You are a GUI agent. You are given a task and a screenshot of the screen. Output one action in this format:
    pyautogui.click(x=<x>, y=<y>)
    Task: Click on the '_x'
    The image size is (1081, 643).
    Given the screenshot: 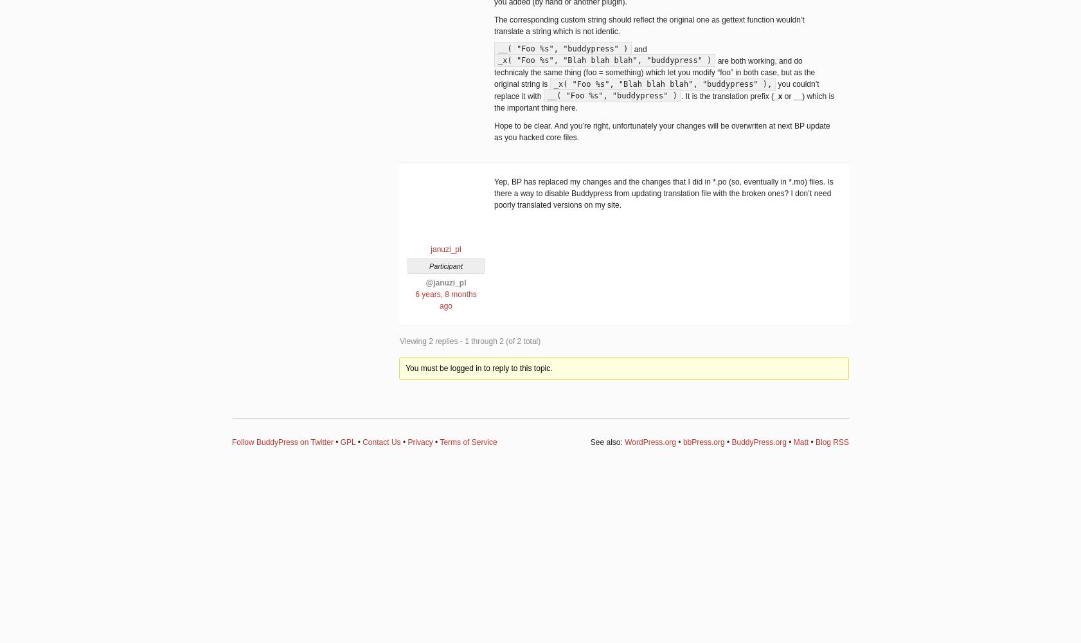 What is the action you would take?
    pyautogui.click(x=777, y=96)
    